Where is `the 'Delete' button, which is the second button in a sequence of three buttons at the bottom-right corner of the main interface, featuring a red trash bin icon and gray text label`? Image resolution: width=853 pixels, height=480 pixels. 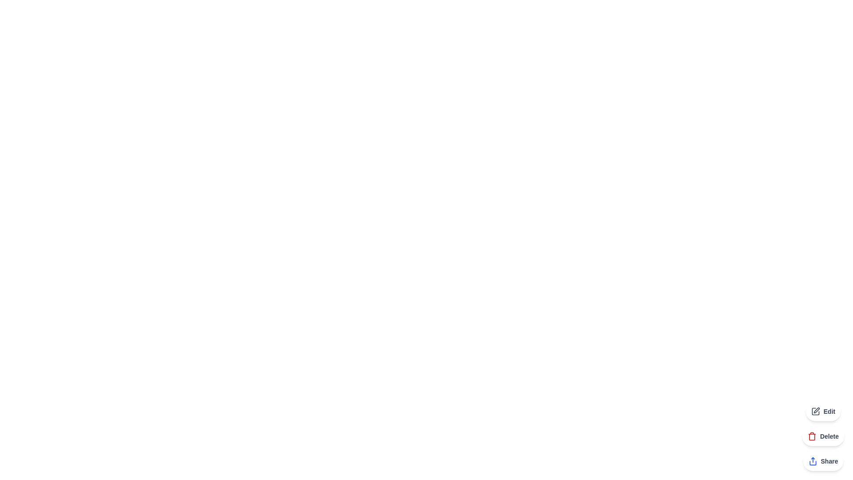
the 'Delete' button, which is the second button in a sequence of three buttons at the bottom-right corner of the main interface, featuring a red trash bin icon and gray text label is located at coordinates (822, 436).